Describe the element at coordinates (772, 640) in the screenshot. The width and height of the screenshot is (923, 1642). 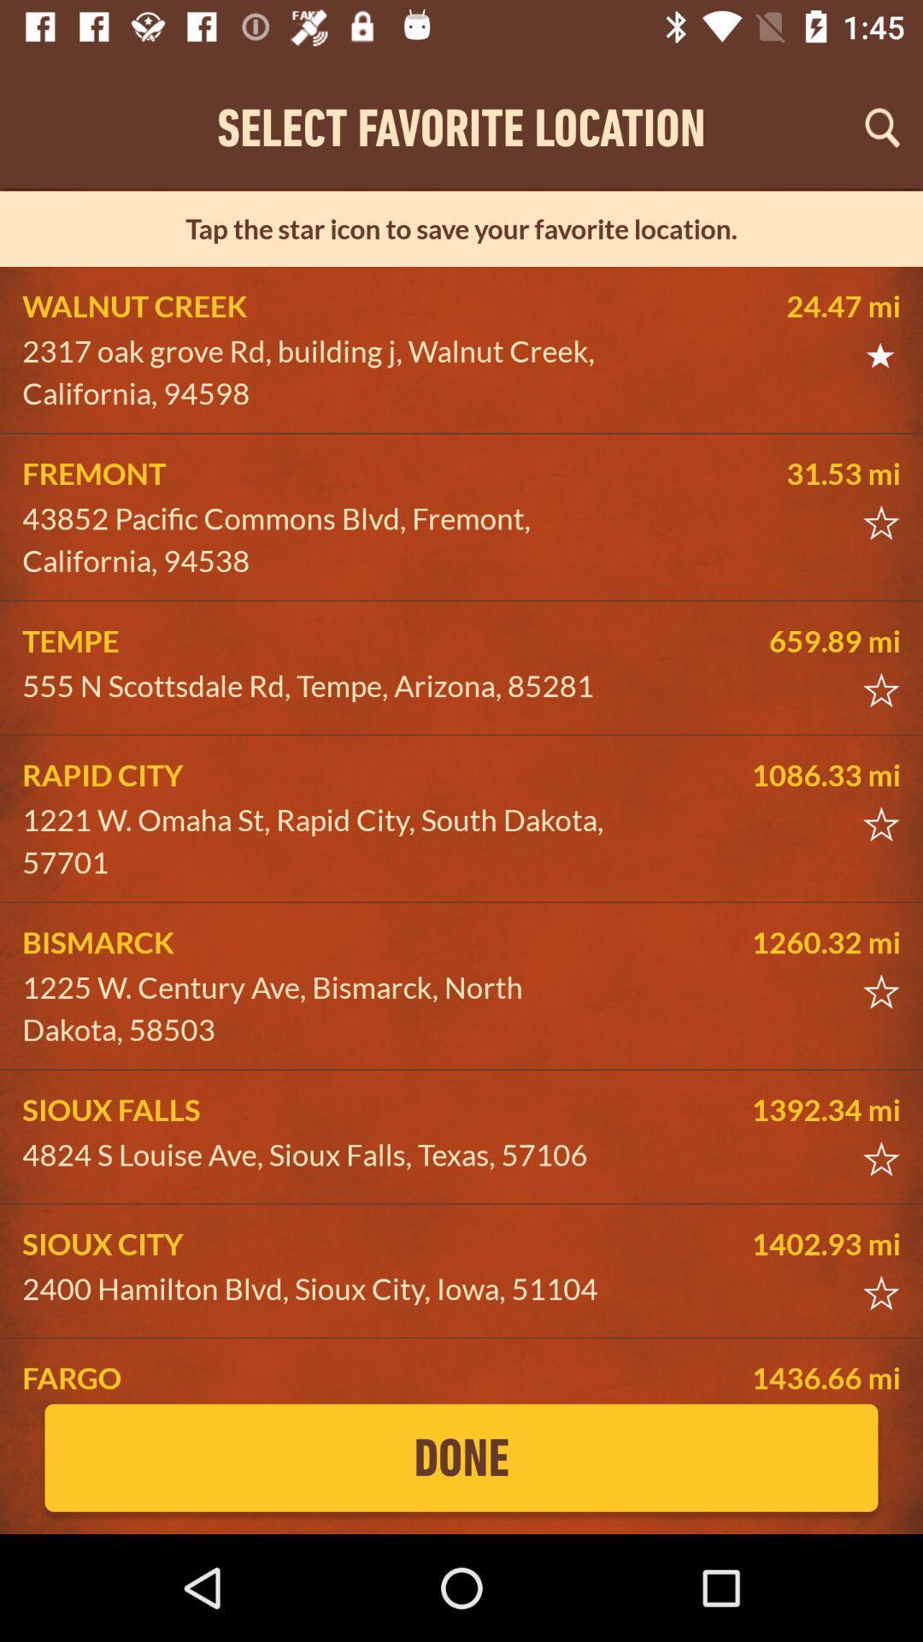
I see `icon next to the tempe icon` at that location.